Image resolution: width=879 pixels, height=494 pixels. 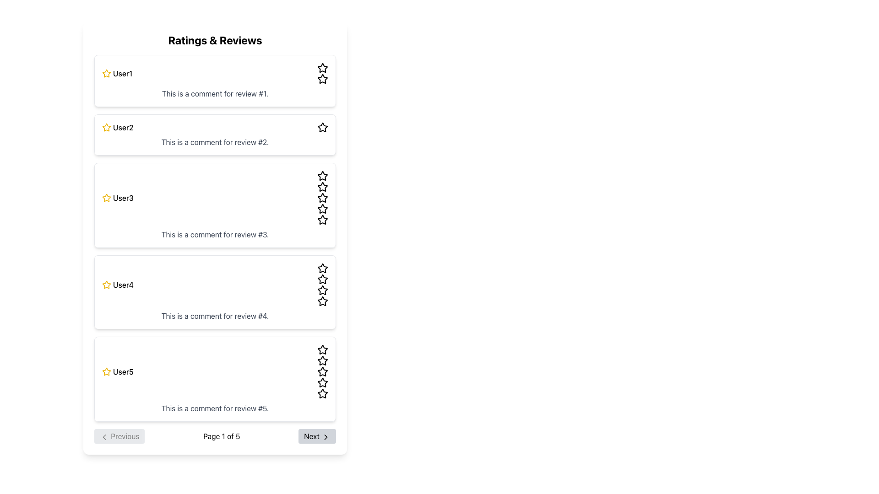 What do you see at coordinates (107, 285) in the screenshot?
I see `the star icon representing a rating or bookmarking indicator located in the fourth user review section, to the left of the text 'User4'` at bounding box center [107, 285].